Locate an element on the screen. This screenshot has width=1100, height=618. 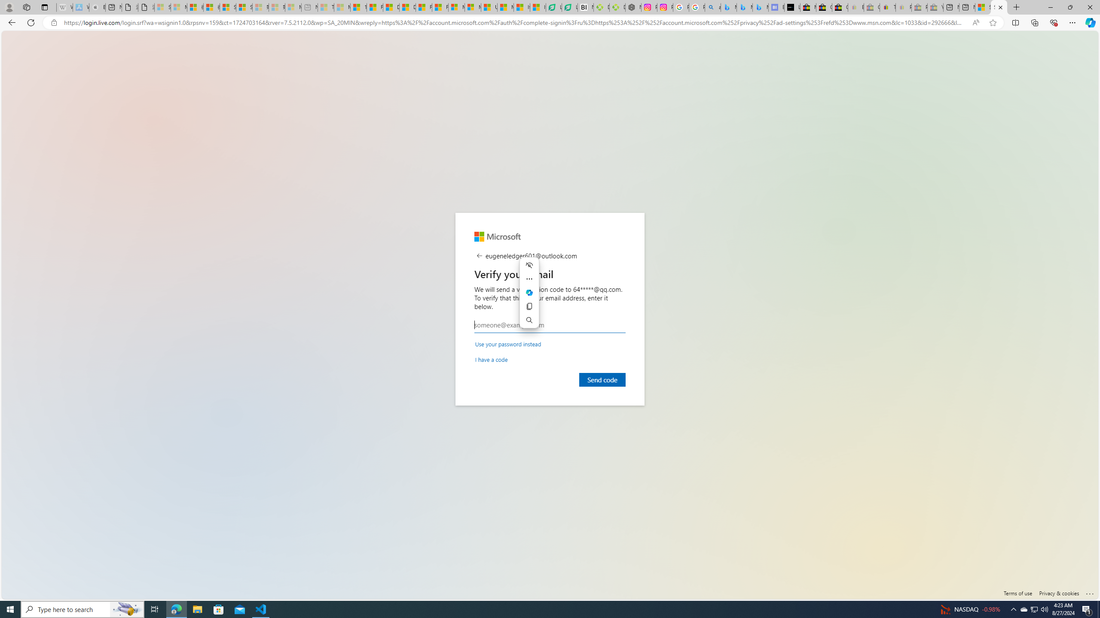
'Buy iPad - Apple - Sleeping' is located at coordinates (97, 7).